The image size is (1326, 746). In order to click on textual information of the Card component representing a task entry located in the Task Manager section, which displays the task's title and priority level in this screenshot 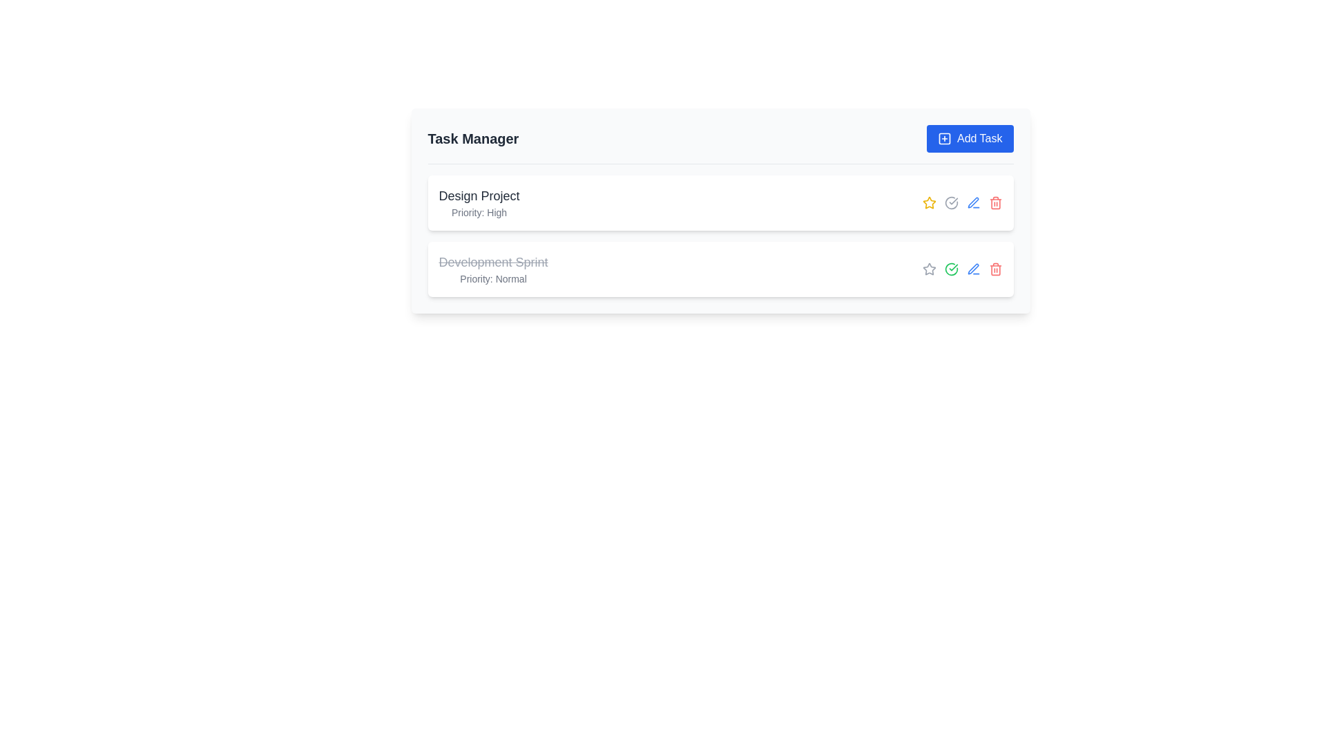, I will do `click(720, 211)`.